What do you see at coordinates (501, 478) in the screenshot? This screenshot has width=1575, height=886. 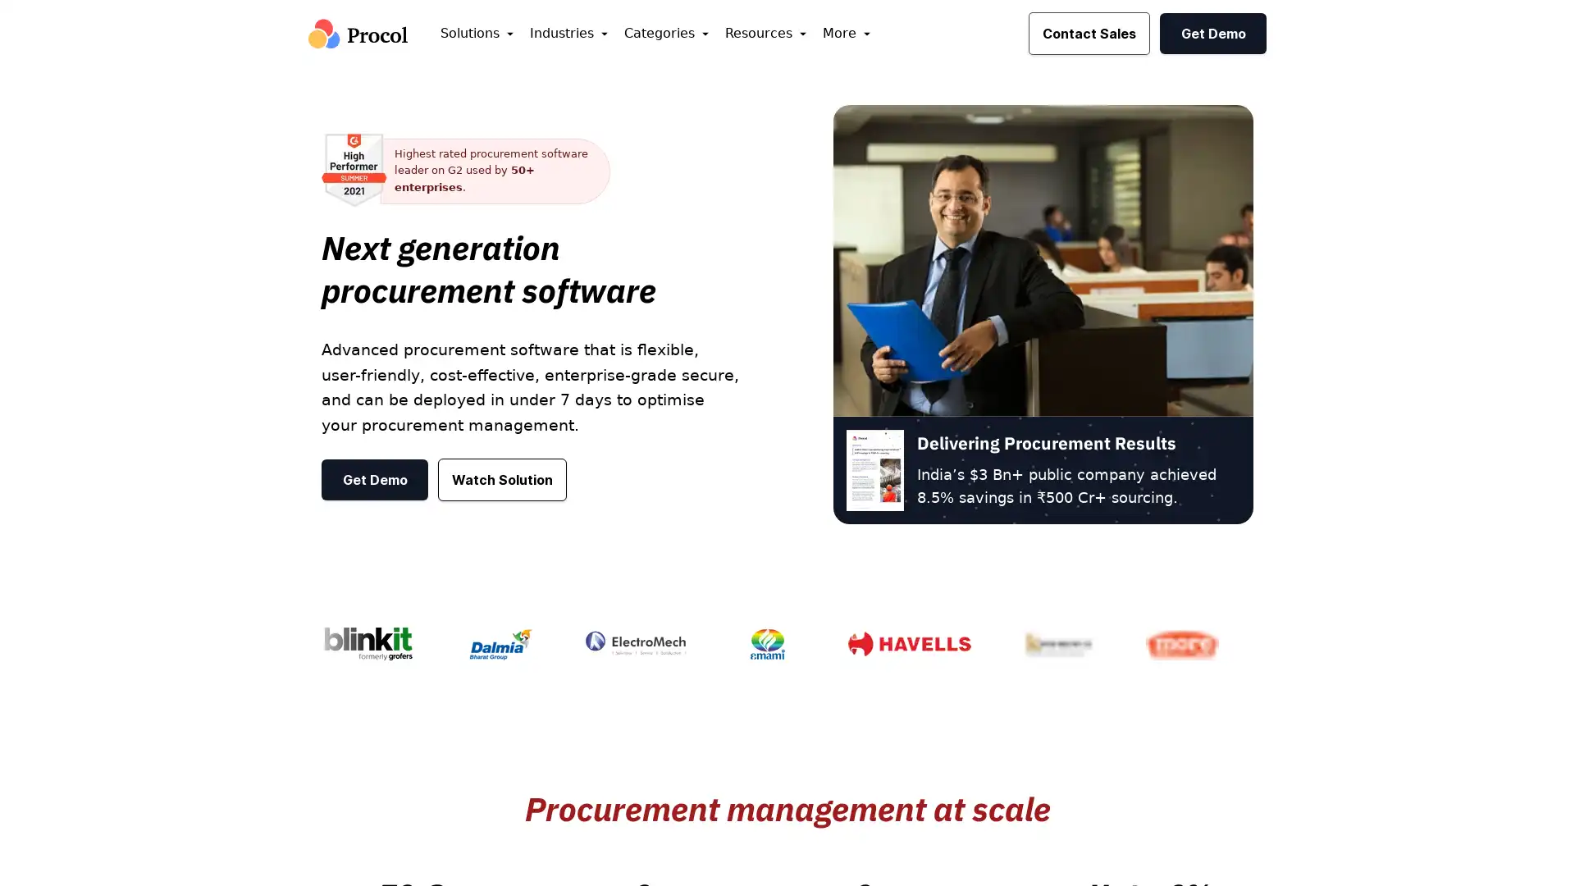 I see `Watch Solution` at bounding box center [501, 478].